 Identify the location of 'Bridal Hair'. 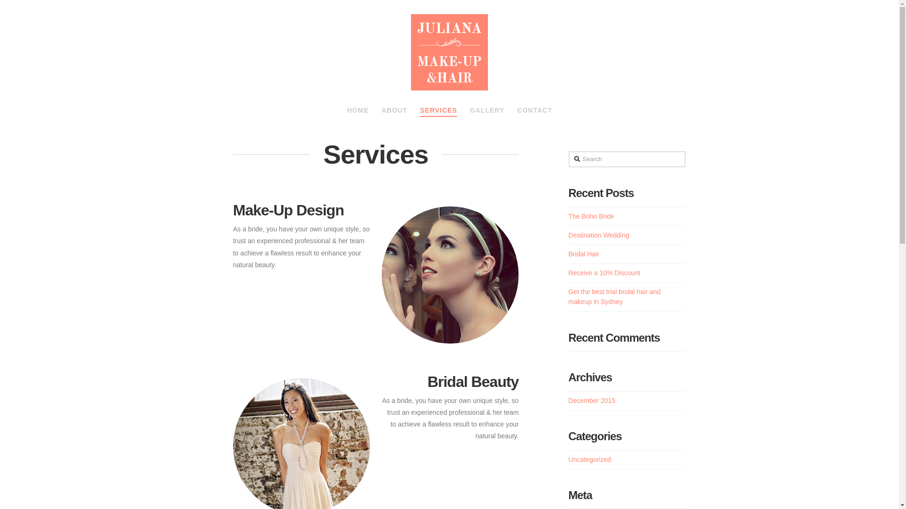
(583, 254).